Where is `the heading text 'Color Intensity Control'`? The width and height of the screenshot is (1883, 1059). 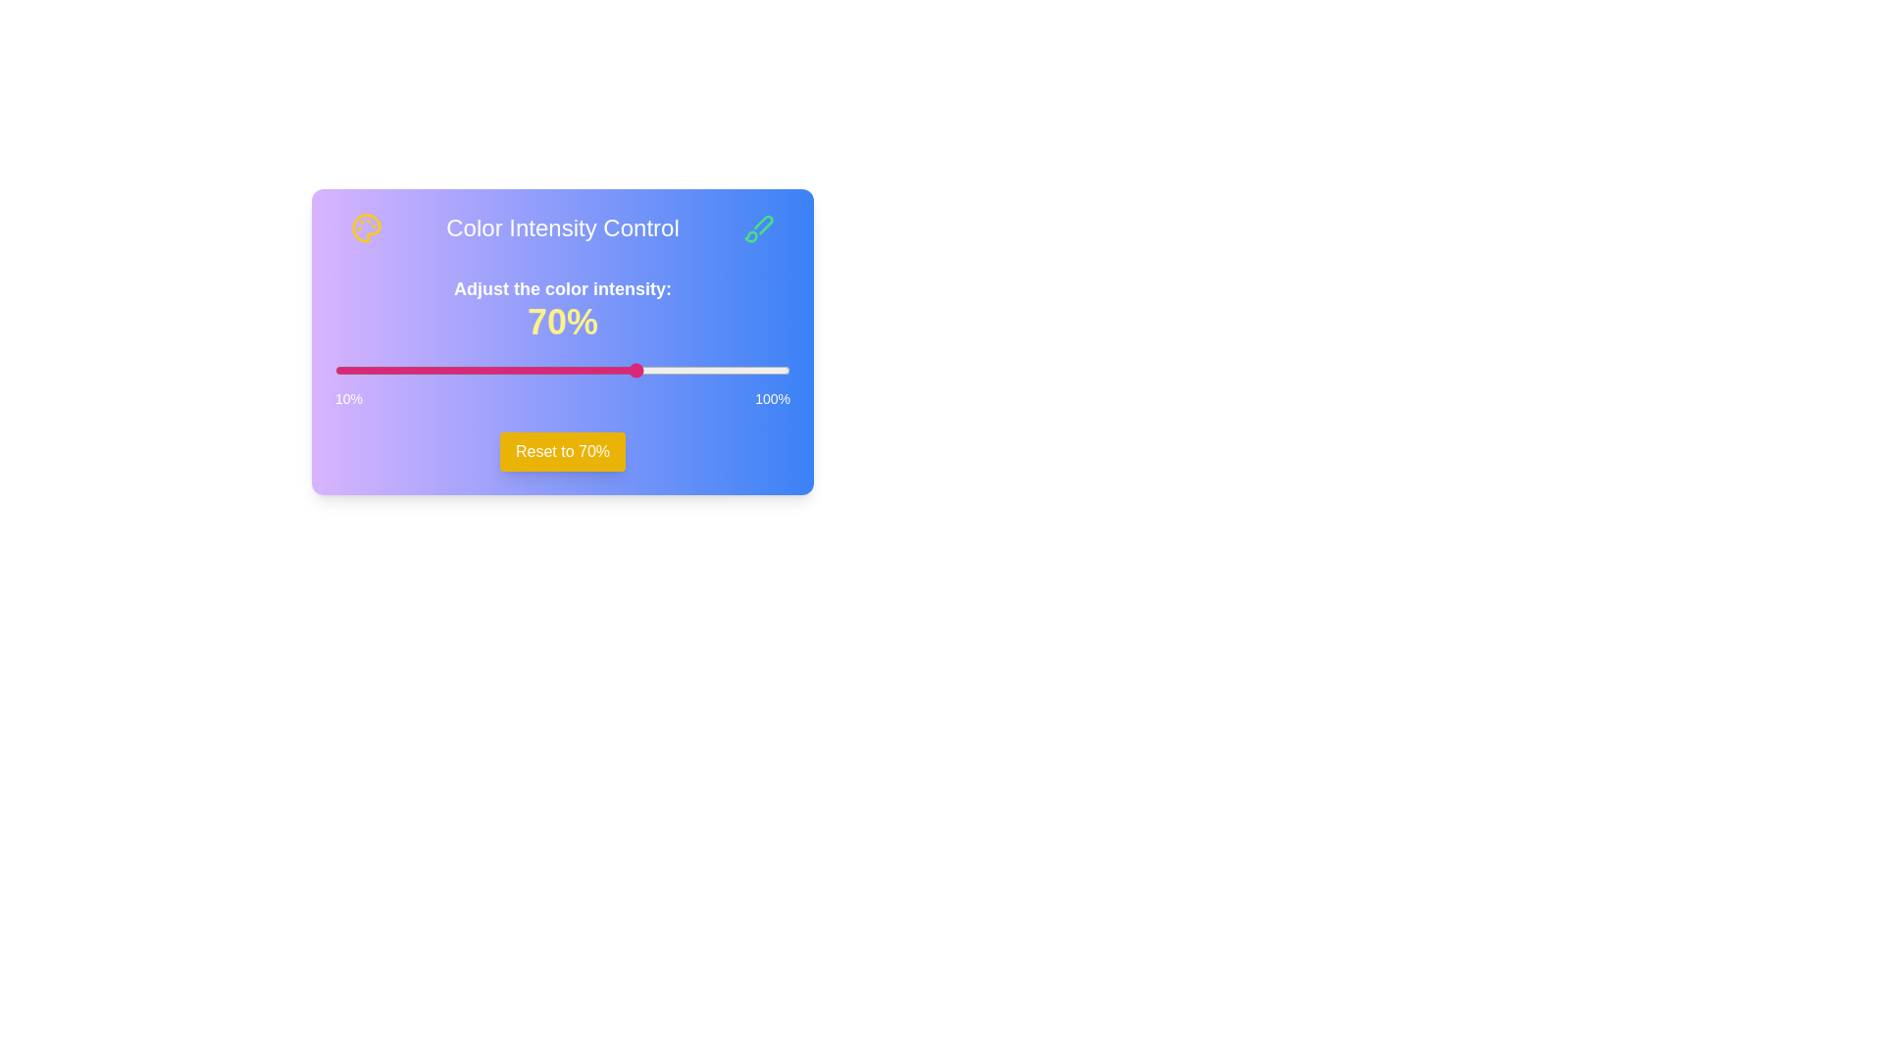
the heading text 'Color Intensity Control' is located at coordinates (562, 227).